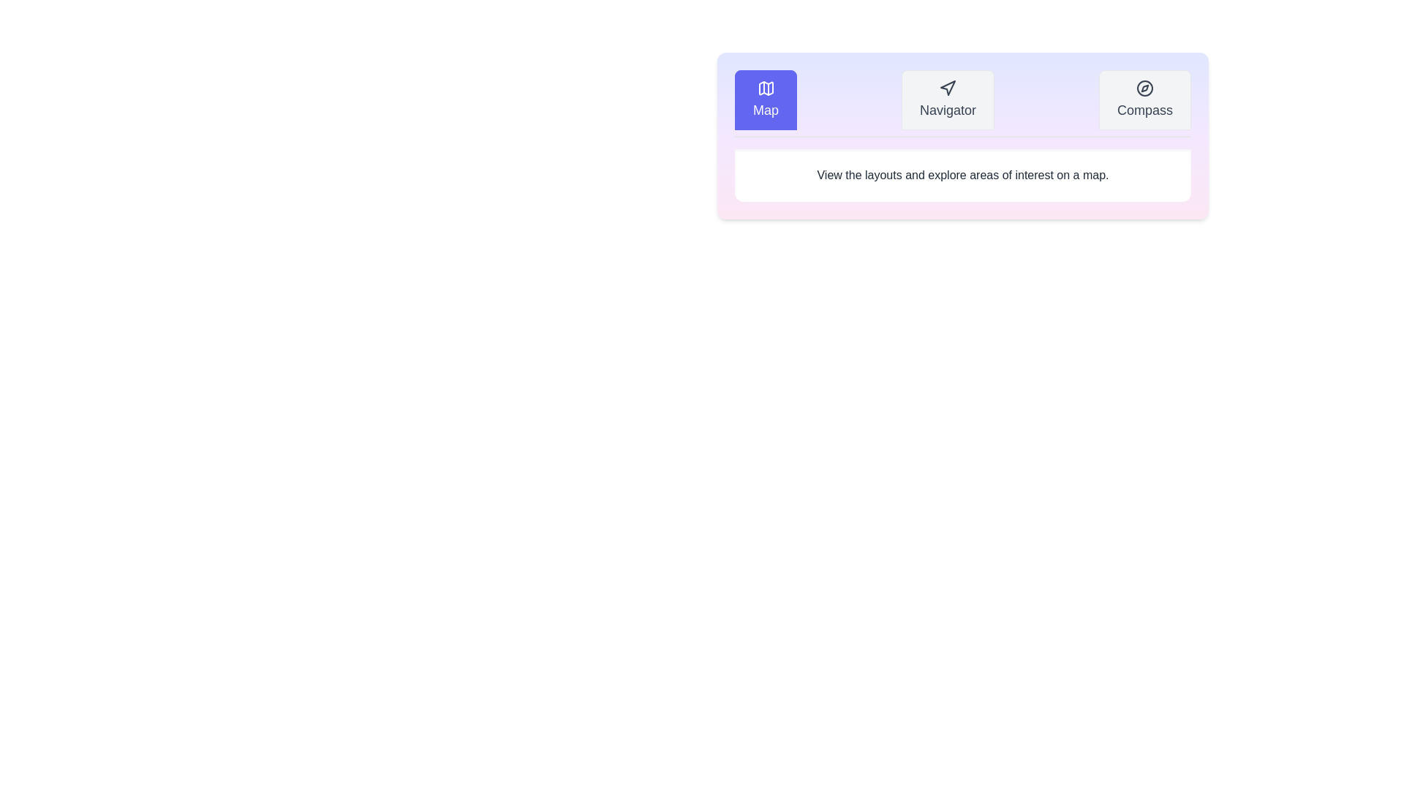 The image size is (1404, 790). What do you see at coordinates (948, 99) in the screenshot?
I see `the tab Navigator to observe its hover effect` at bounding box center [948, 99].